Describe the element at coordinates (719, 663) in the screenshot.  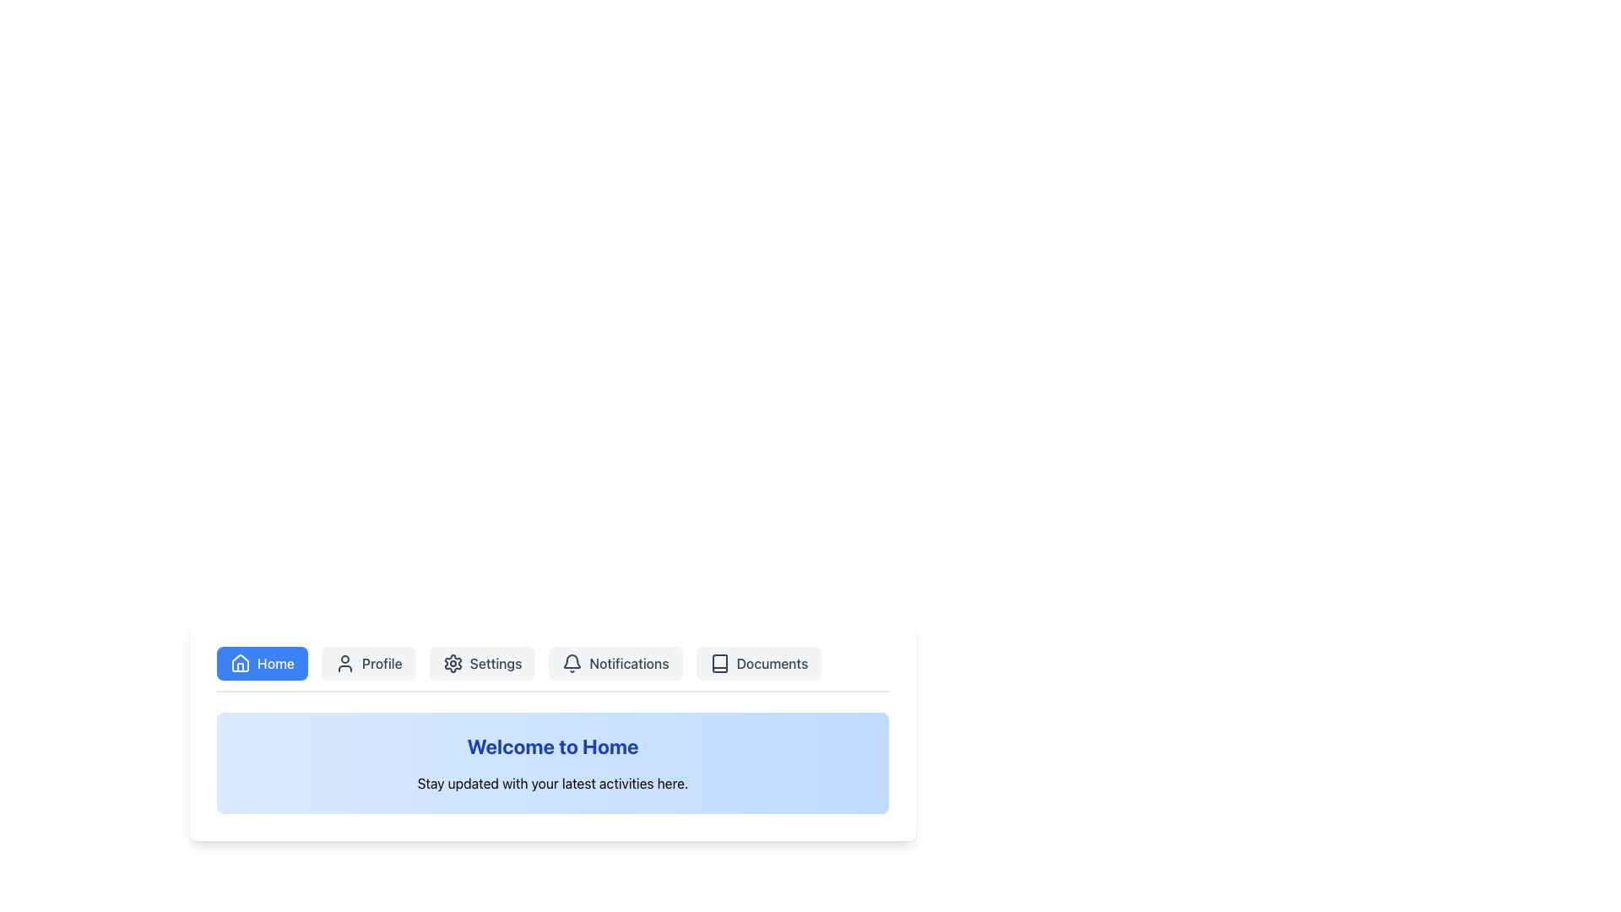
I see `the book icon located in the 'Documents' section of the navigation row at the top of the bottom section` at that location.